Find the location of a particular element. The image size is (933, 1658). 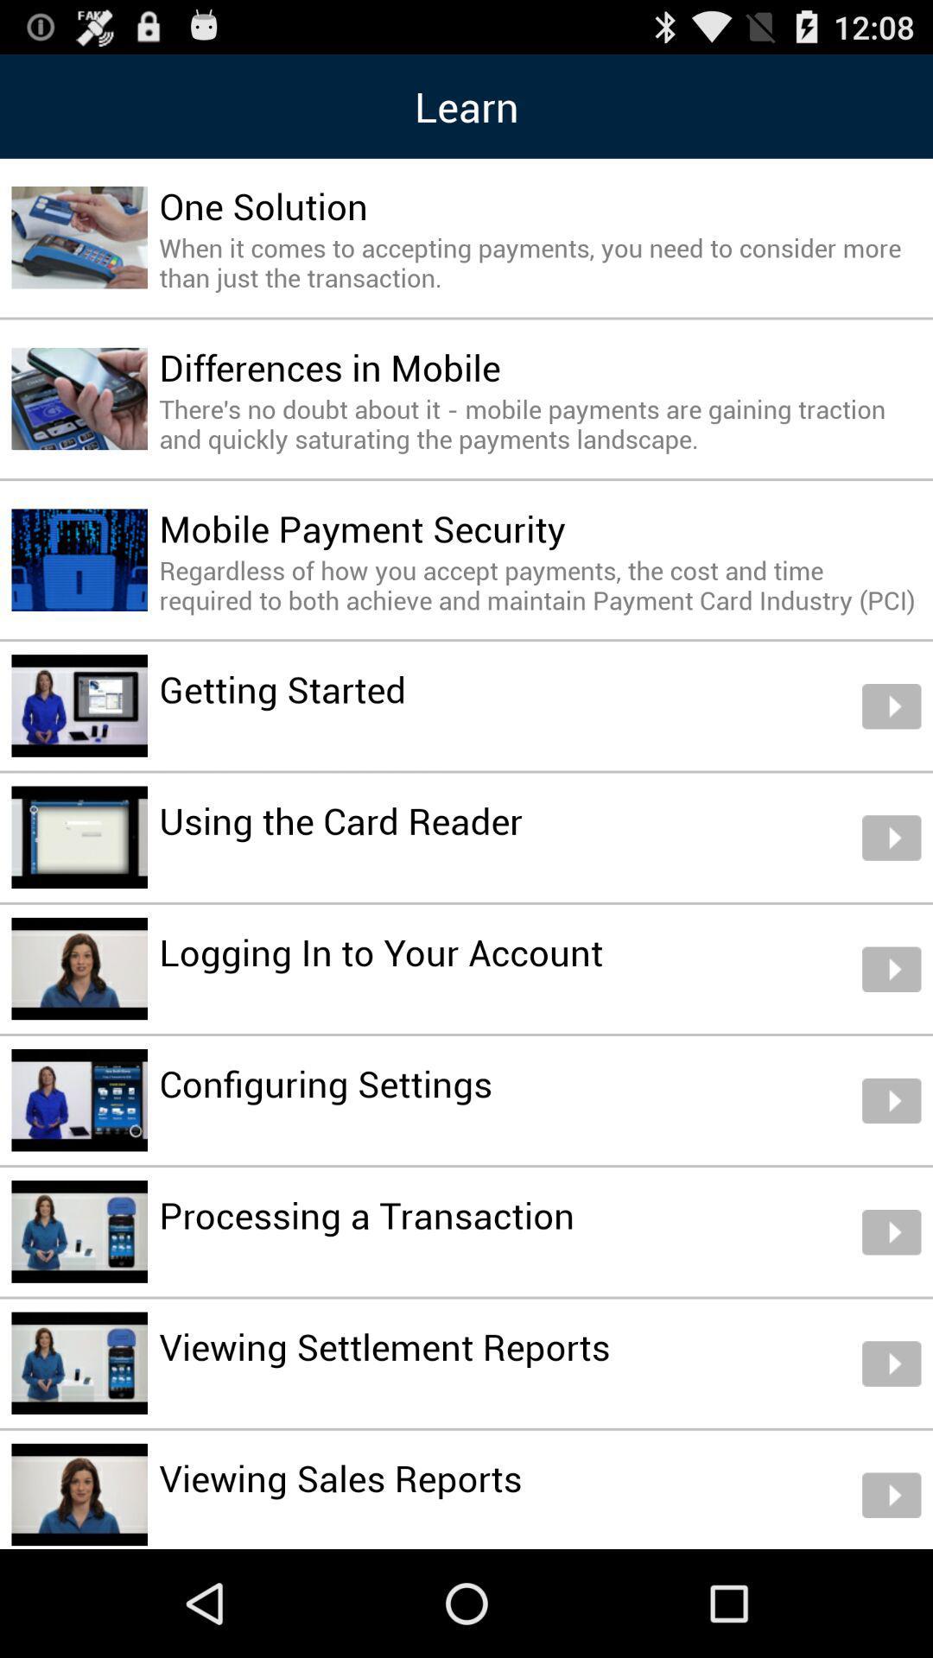

item above viewing settlement reports is located at coordinates (365, 1213).